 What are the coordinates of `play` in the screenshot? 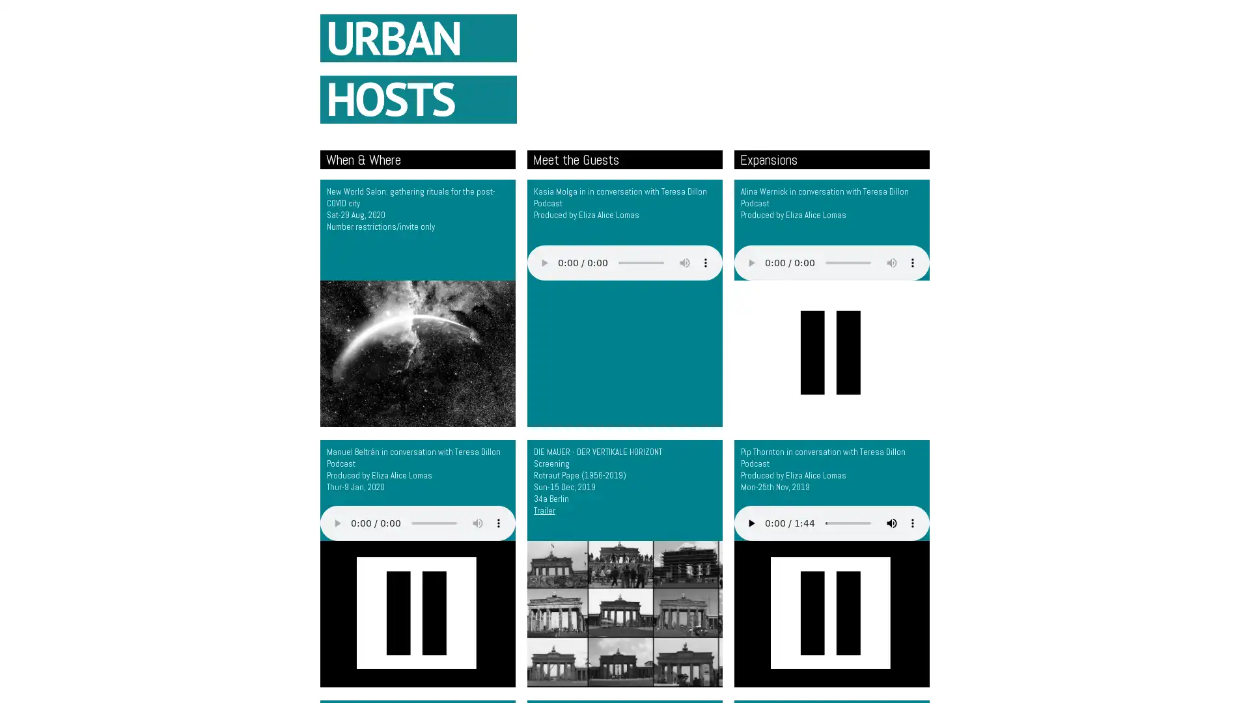 It's located at (751, 263).